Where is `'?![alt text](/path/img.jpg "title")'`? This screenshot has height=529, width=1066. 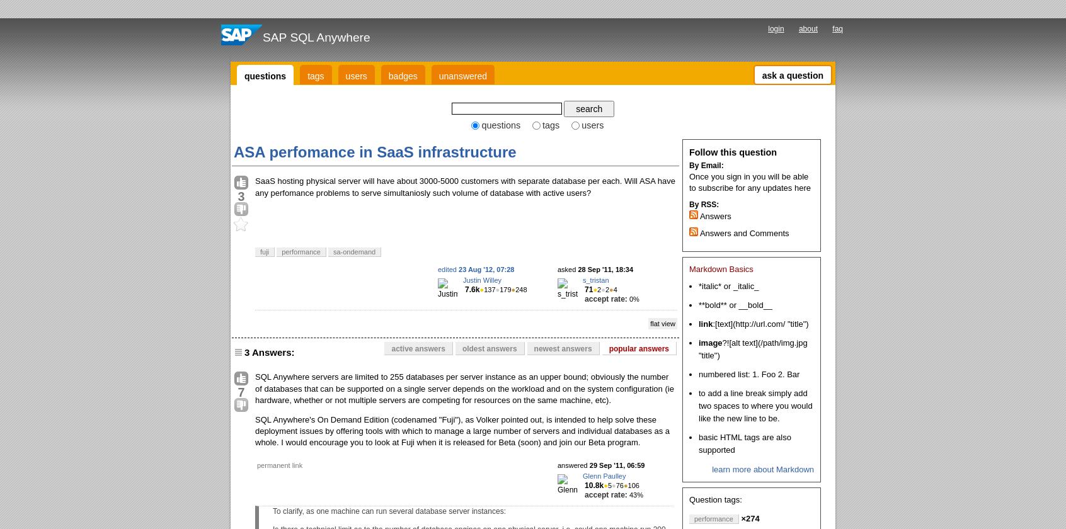
'?![alt text](/path/img.jpg "title")' is located at coordinates (752, 348).